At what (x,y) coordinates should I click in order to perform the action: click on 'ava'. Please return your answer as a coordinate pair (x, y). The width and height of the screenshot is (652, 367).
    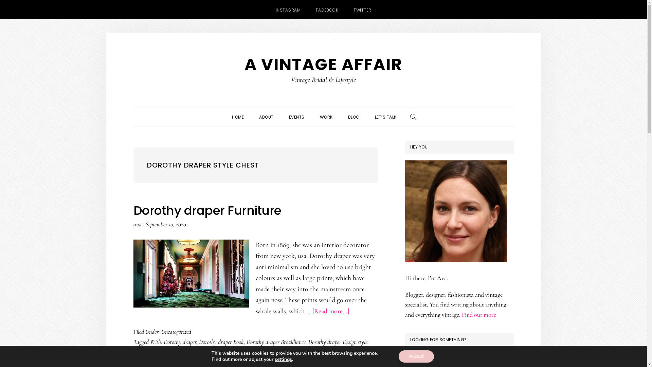
    Looking at the image, I should click on (137, 224).